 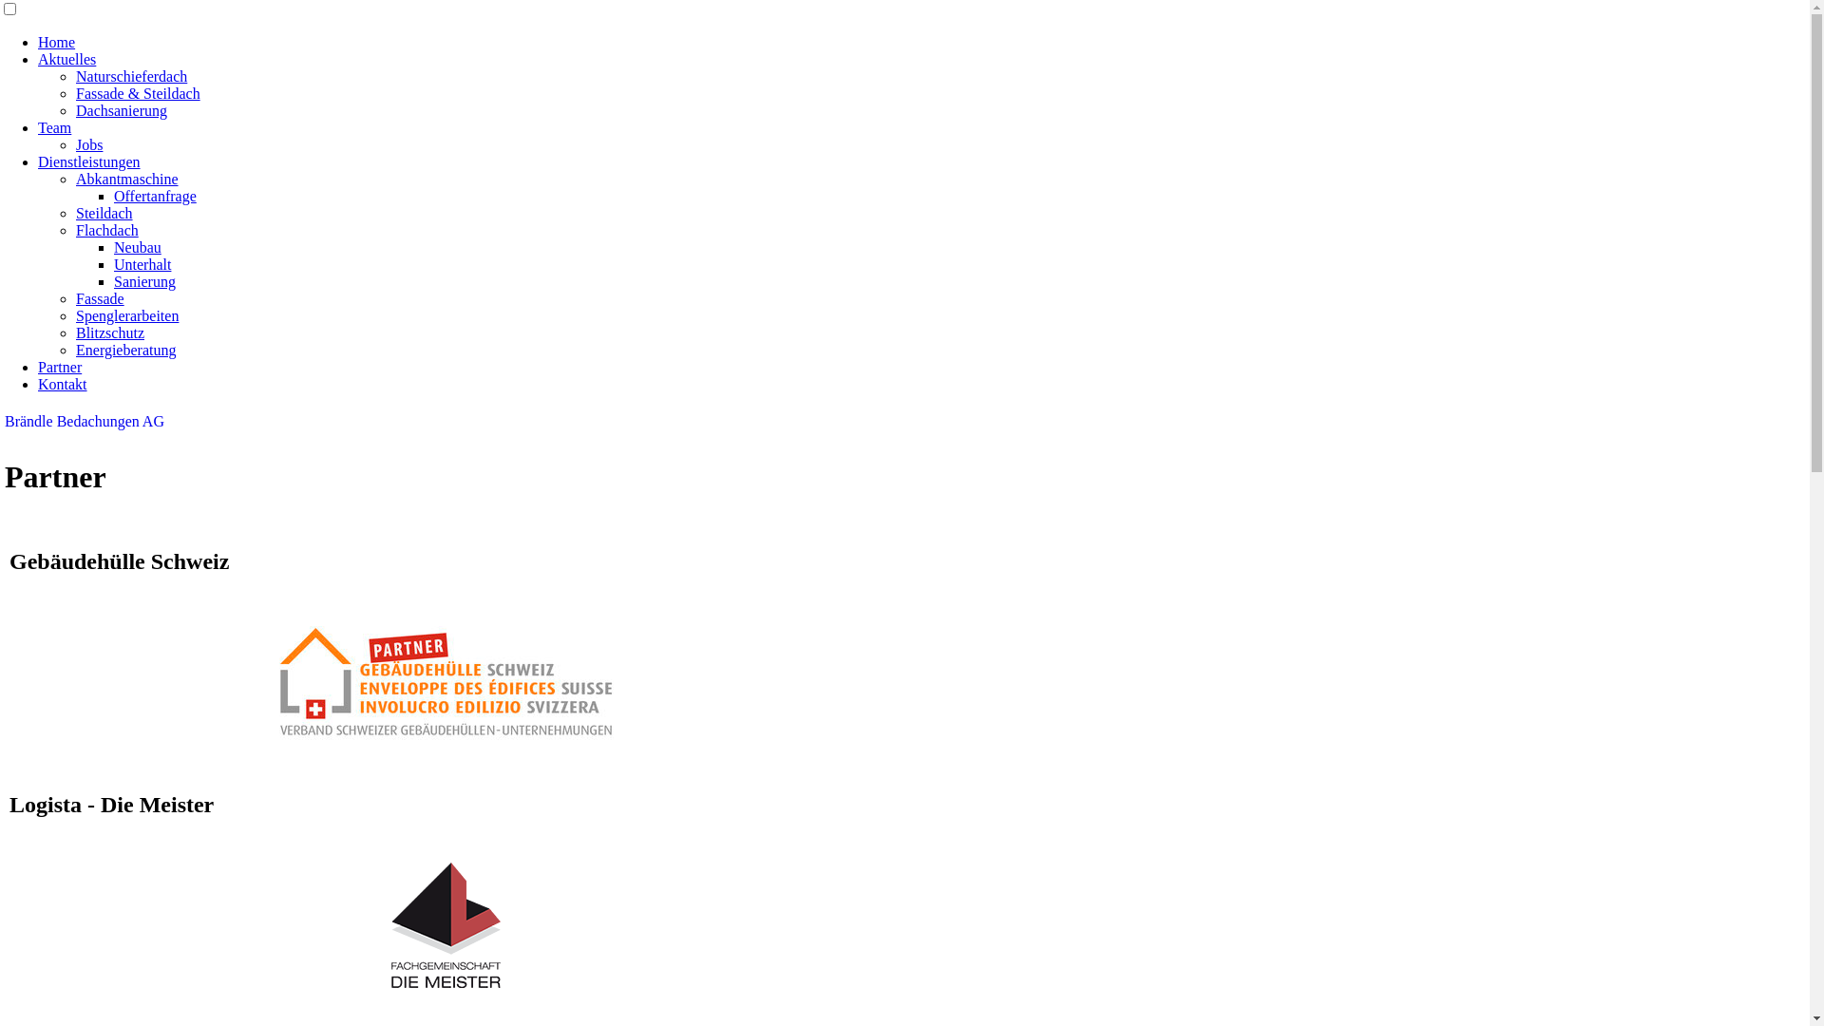 What do you see at coordinates (136, 246) in the screenshot?
I see `'Neubau'` at bounding box center [136, 246].